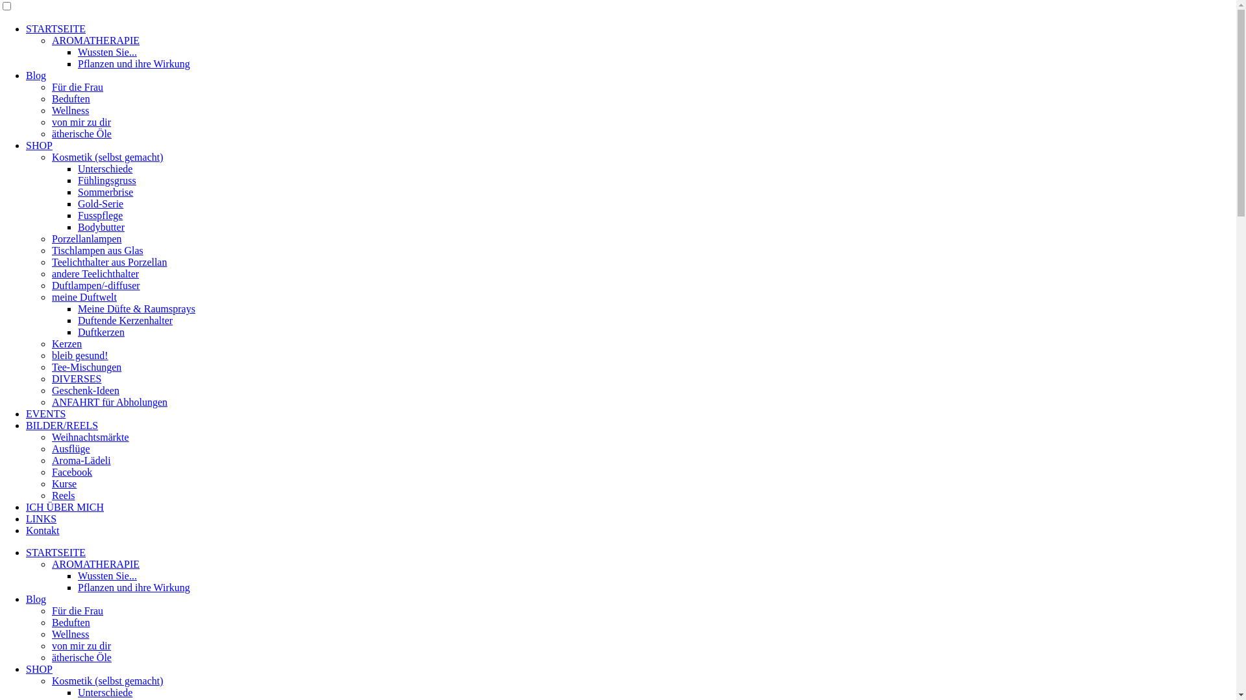 This screenshot has height=700, width=1246. I want to click on 'Beduften', so click(70, 98).